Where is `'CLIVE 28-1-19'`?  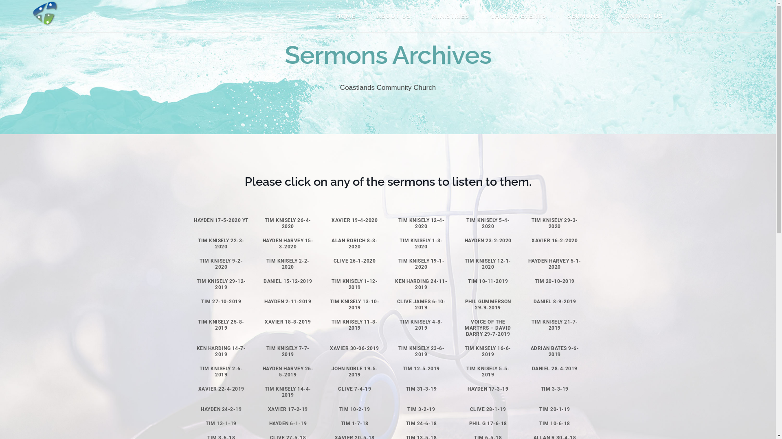
'CLIVE 28-1-19' is located at coordinates (488, 409).